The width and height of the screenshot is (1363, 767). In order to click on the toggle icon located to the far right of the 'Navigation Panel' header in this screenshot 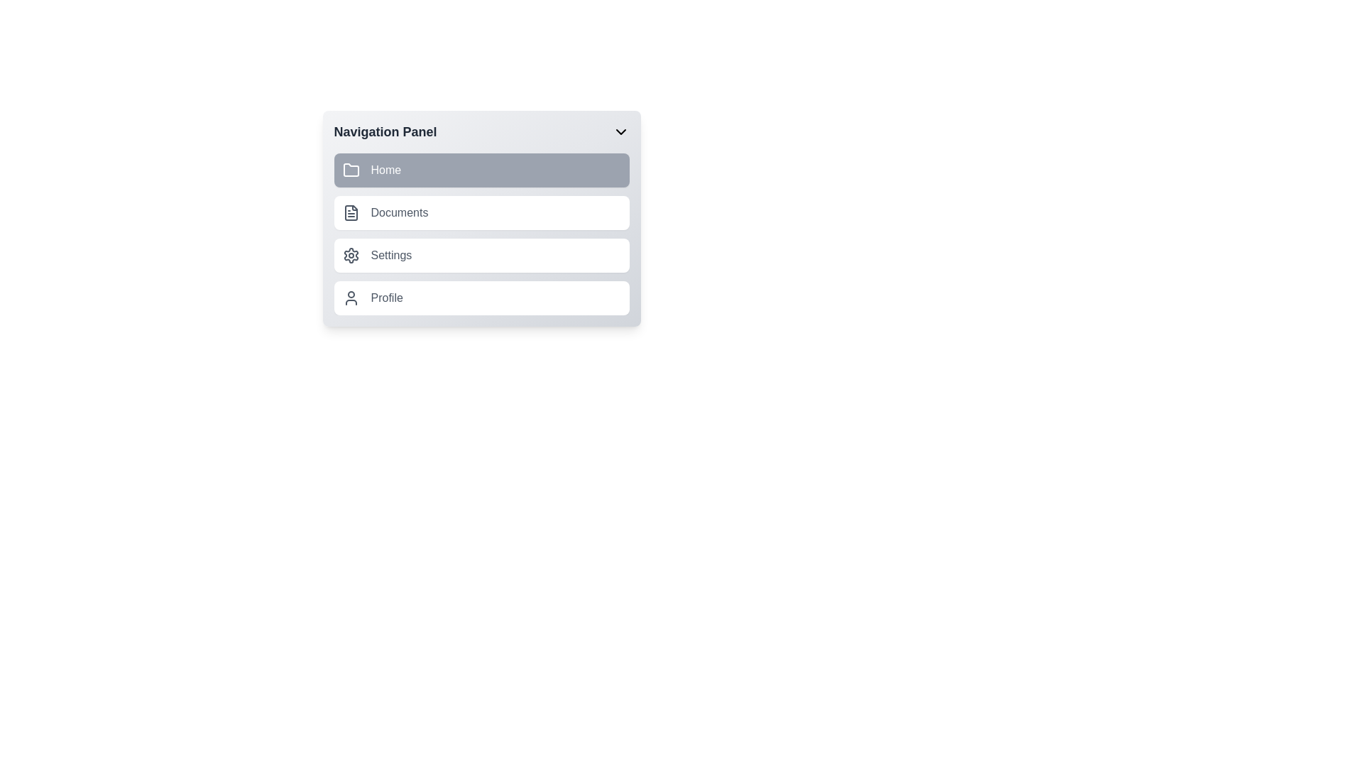, I will do `click(620, 131)`.